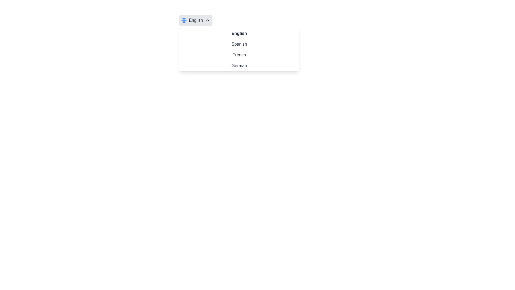 The height and width of the screenshot is (290, 515). Describe the element at coordinates (196, 20) in the screenshot. I see `the static text element displaying the currently selected language 'English', which is positioned between a globe icon and a dropdown indicator in the language selection component` at that location.